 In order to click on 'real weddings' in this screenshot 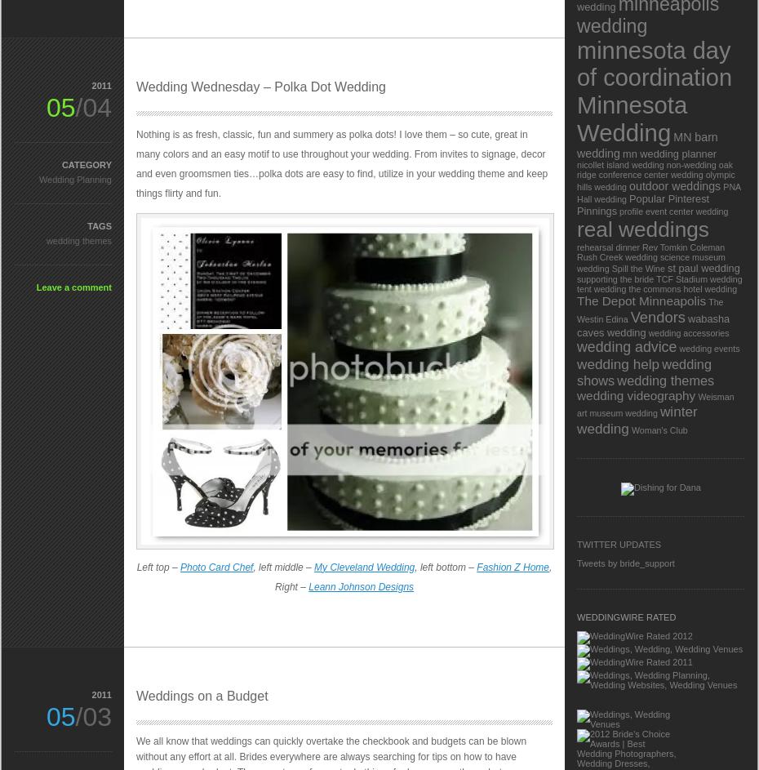, I will do `click(641, 229)`.